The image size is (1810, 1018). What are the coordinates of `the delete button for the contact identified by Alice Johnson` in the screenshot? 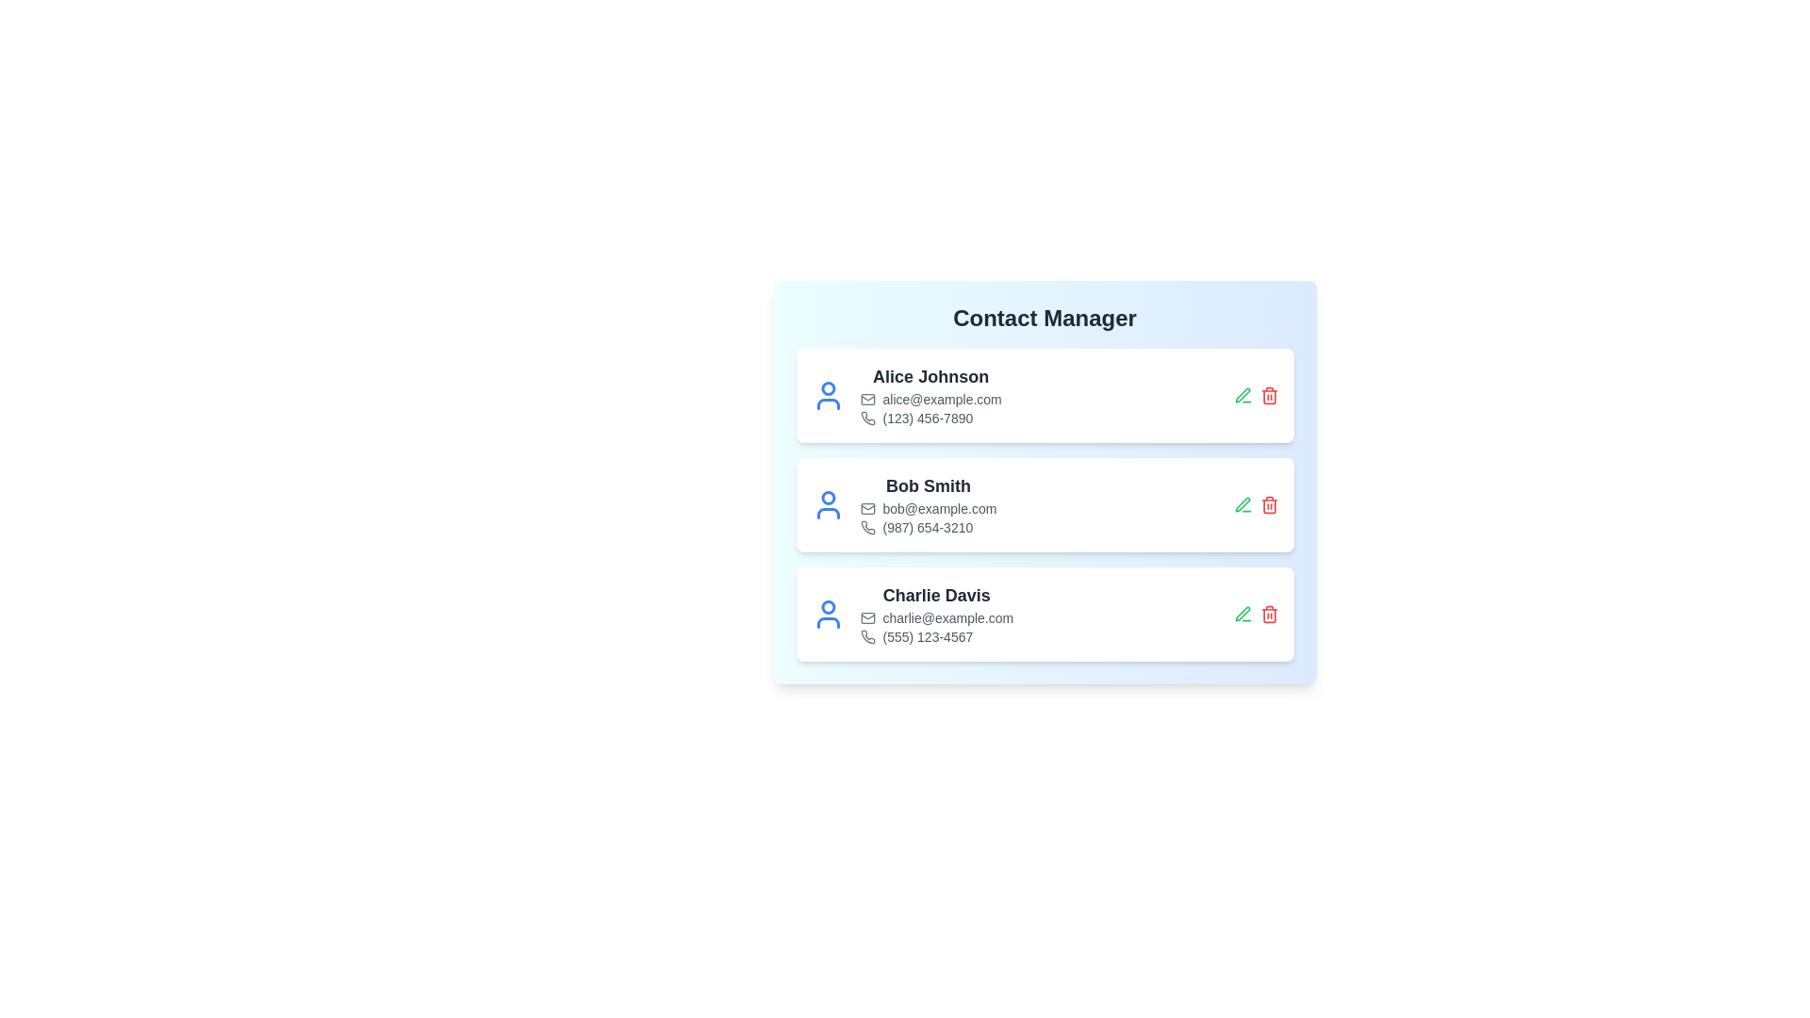 It's located at (1269, 395).